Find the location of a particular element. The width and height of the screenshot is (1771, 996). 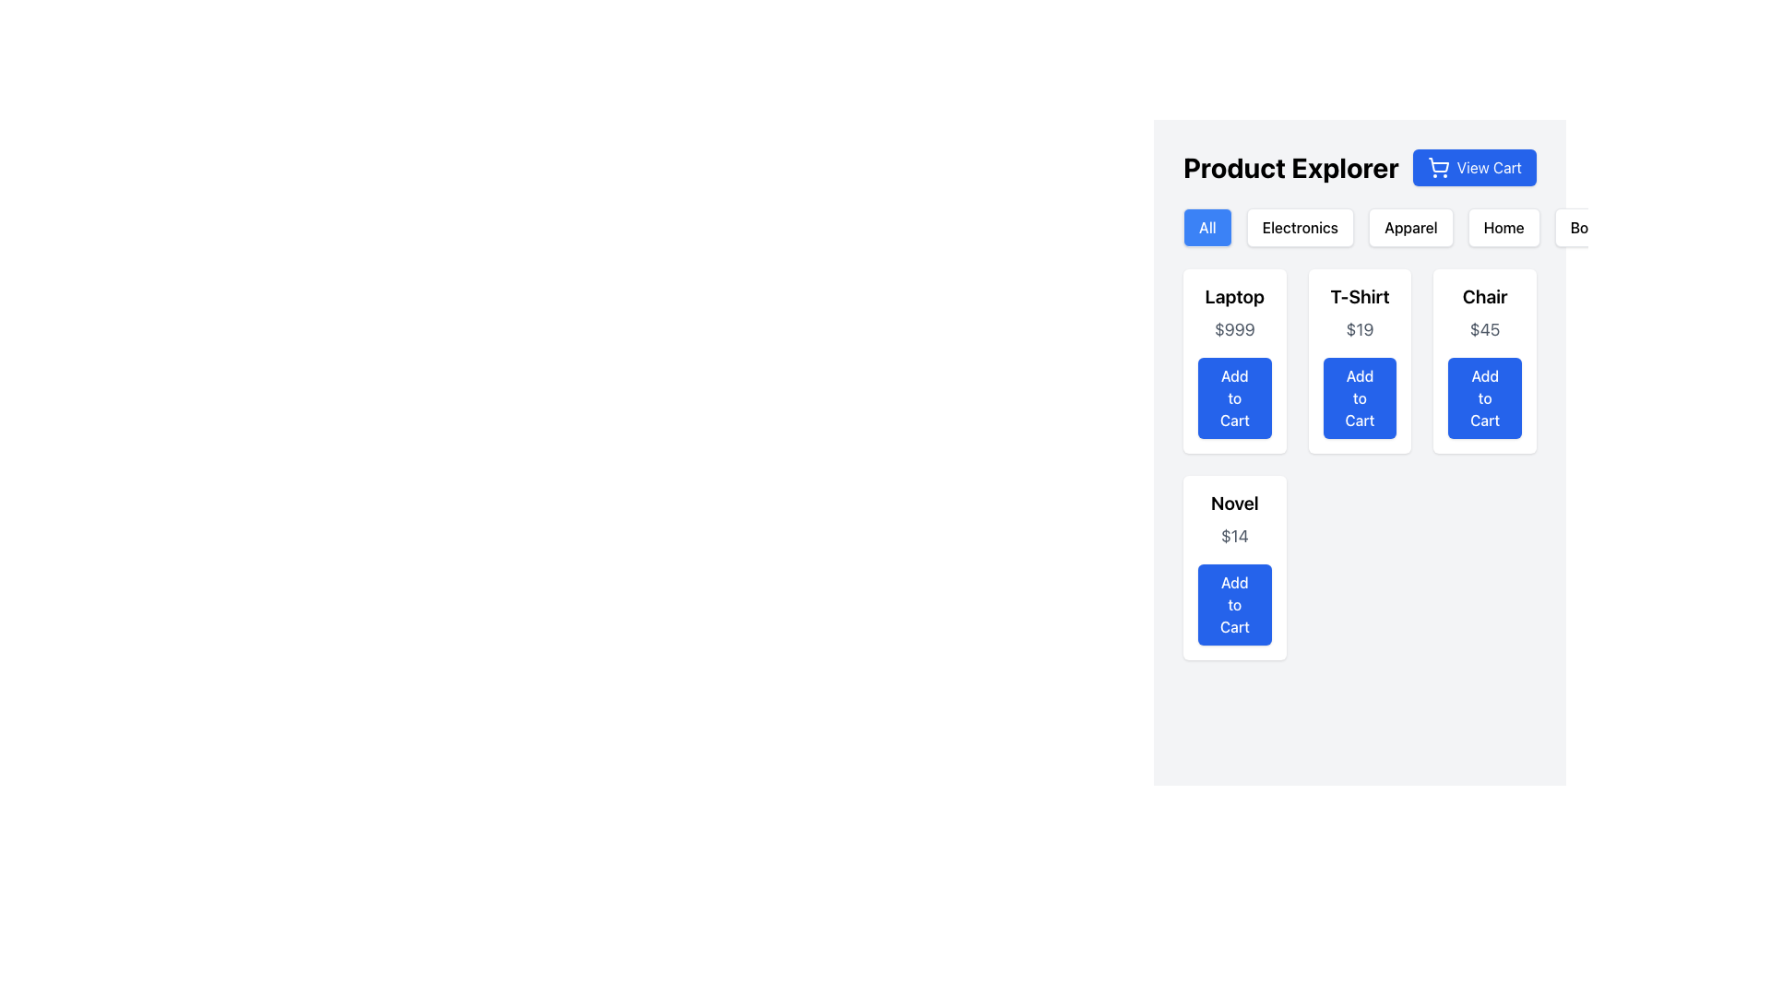

the rectangular button labeled 'All', which has a blue background and white text is located at coordinates (1207, 226).